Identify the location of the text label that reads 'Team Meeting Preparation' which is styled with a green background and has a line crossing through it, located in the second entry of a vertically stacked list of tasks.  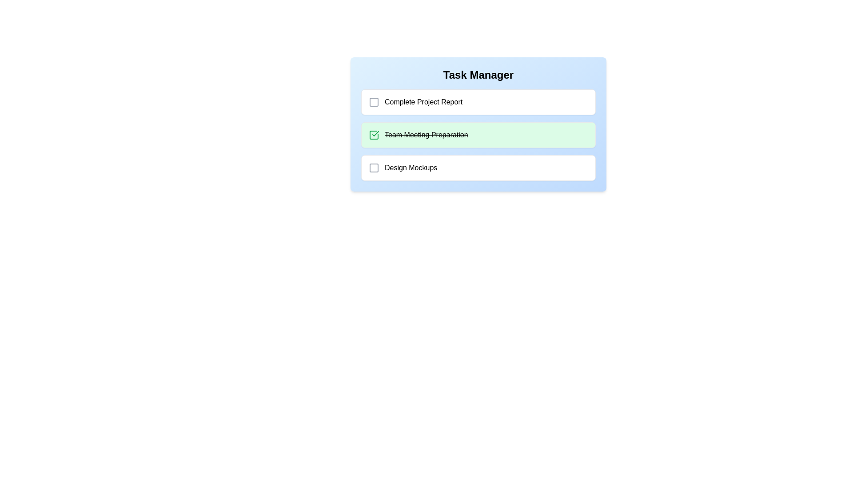
(418, 135).